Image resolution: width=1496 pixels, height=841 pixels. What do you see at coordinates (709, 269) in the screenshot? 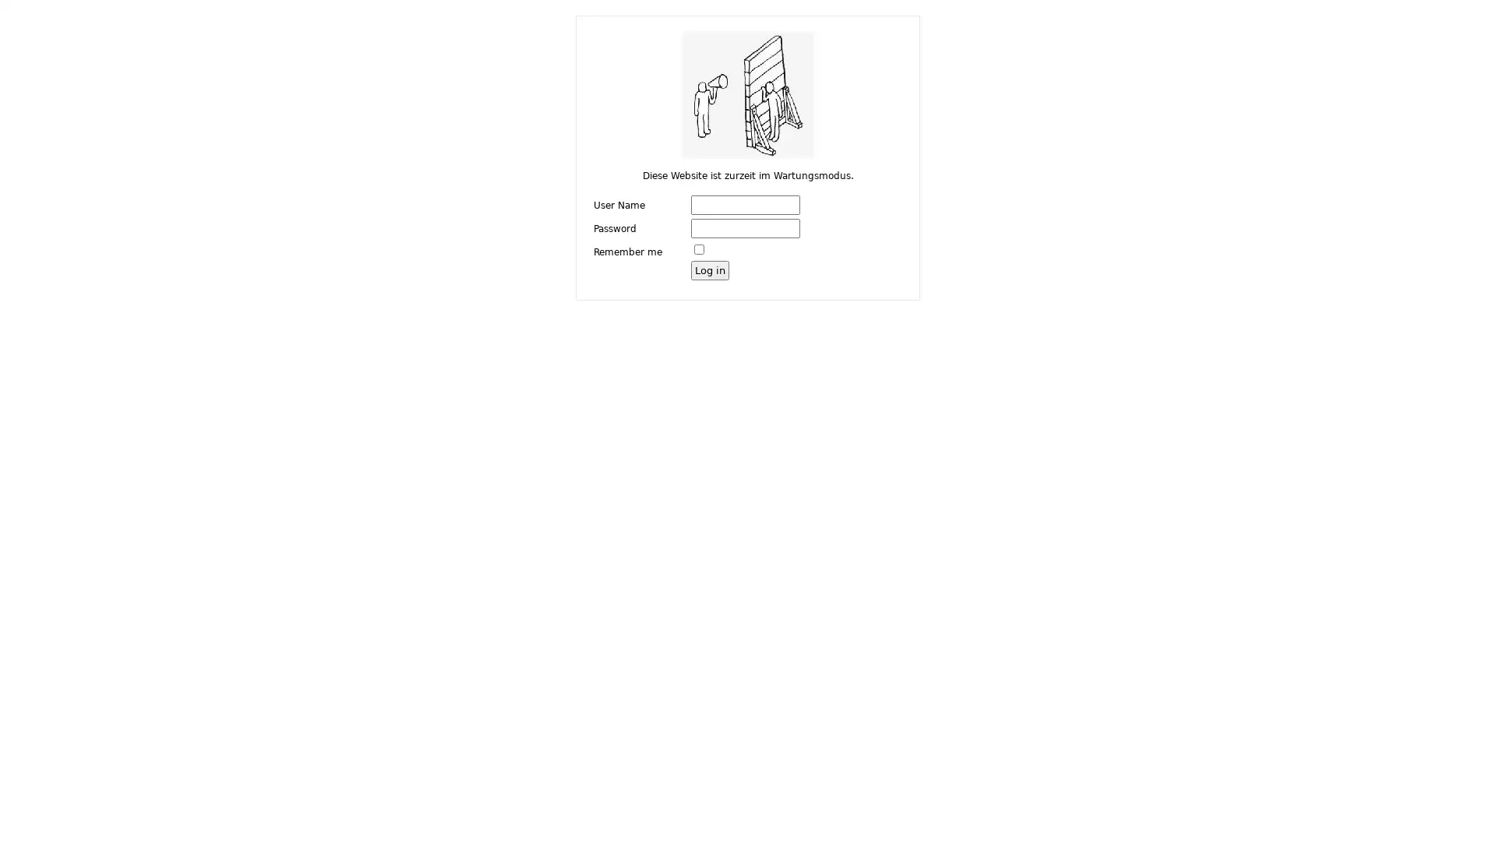
I see `Log in` at bounding box center [709, 269].